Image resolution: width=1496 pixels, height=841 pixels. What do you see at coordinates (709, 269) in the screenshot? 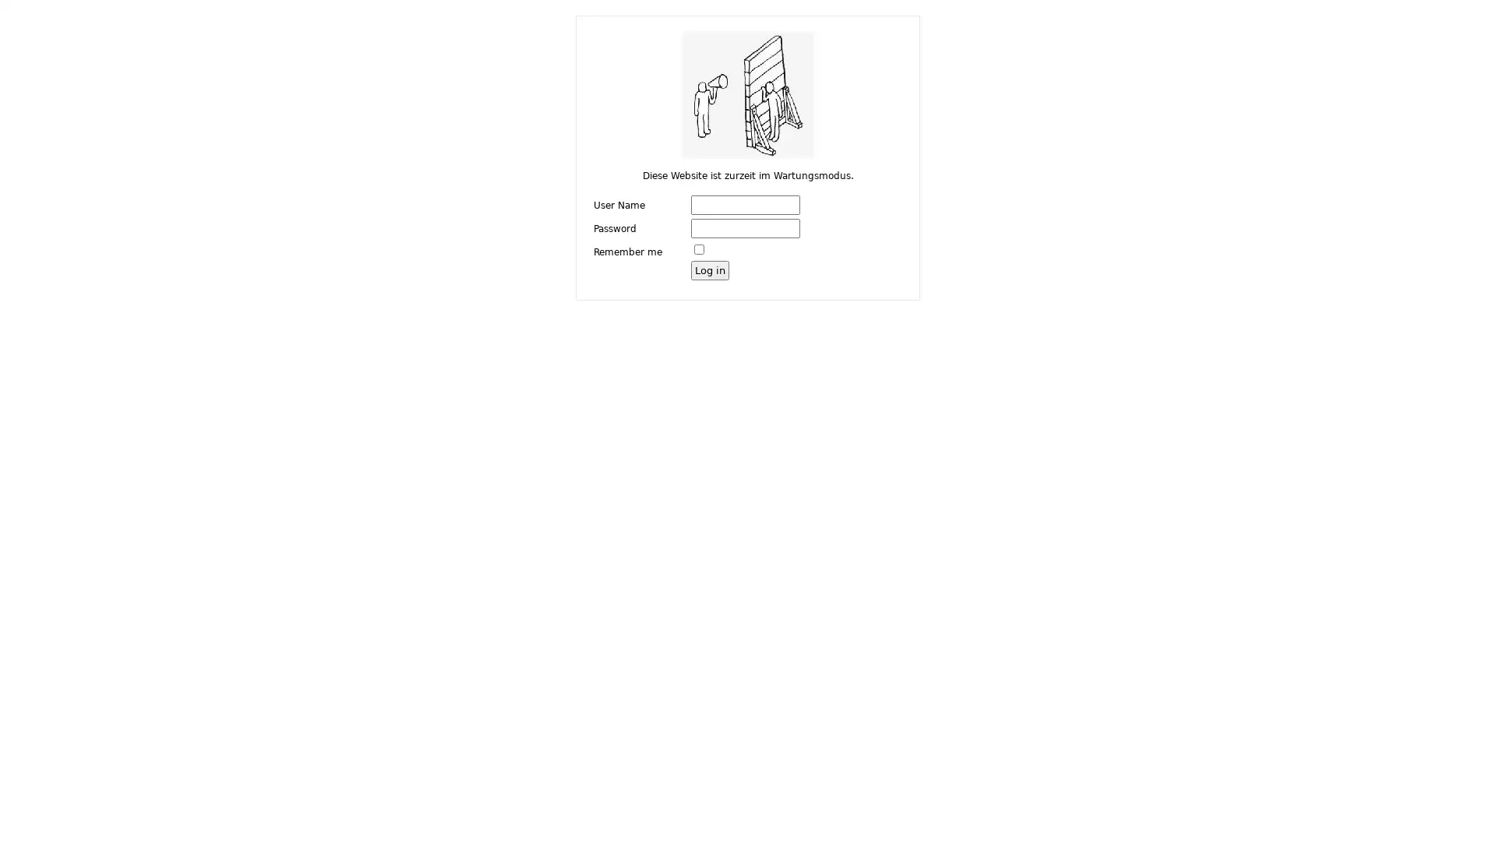
I see `Log in` at bounding box center [709, 269].